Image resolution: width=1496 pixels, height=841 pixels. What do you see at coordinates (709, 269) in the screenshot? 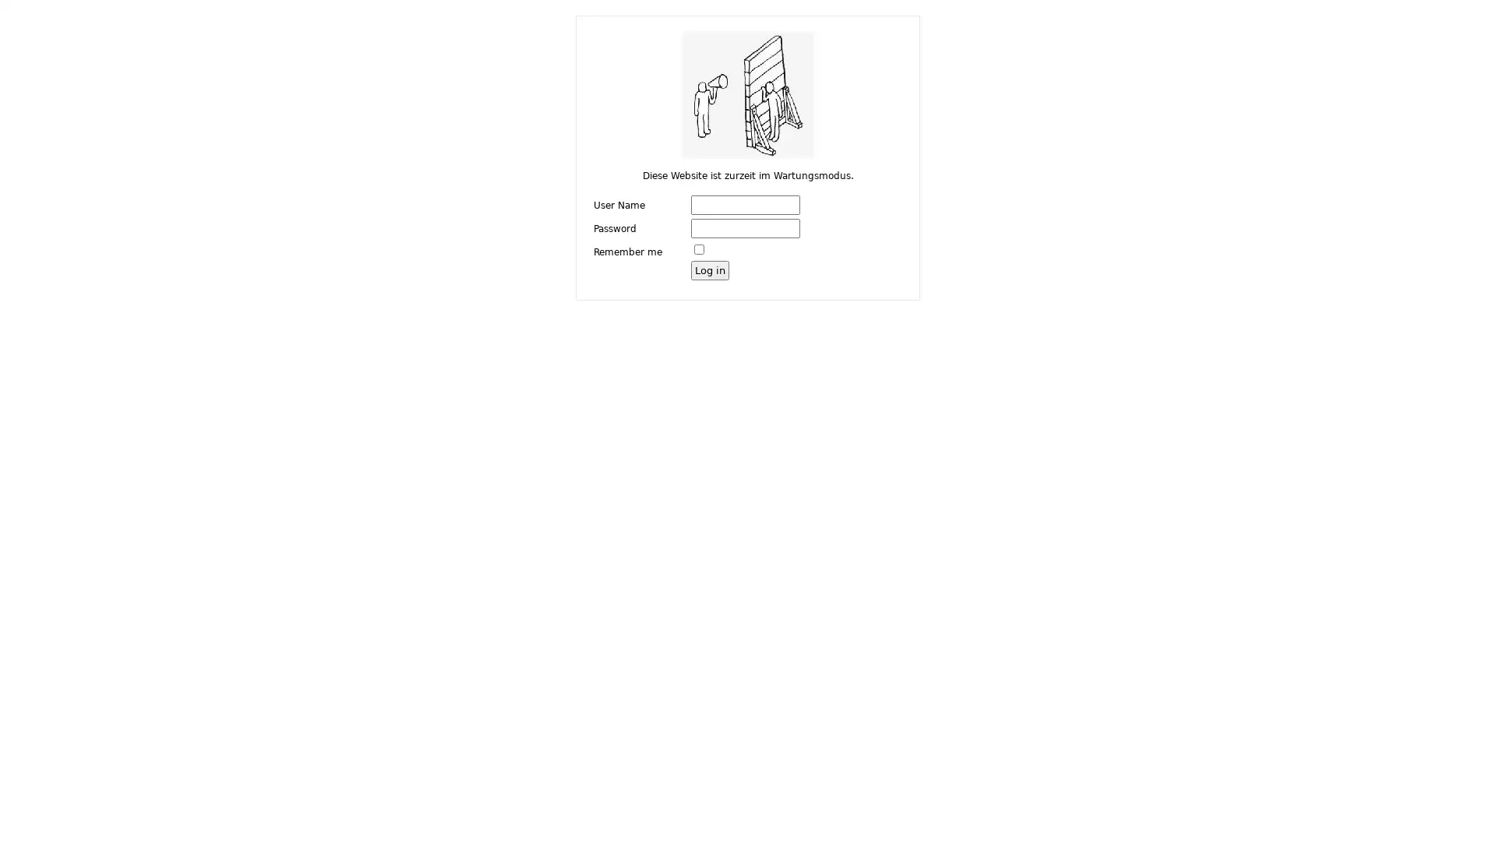
I see `Log in` at bounding box center [709, 269].